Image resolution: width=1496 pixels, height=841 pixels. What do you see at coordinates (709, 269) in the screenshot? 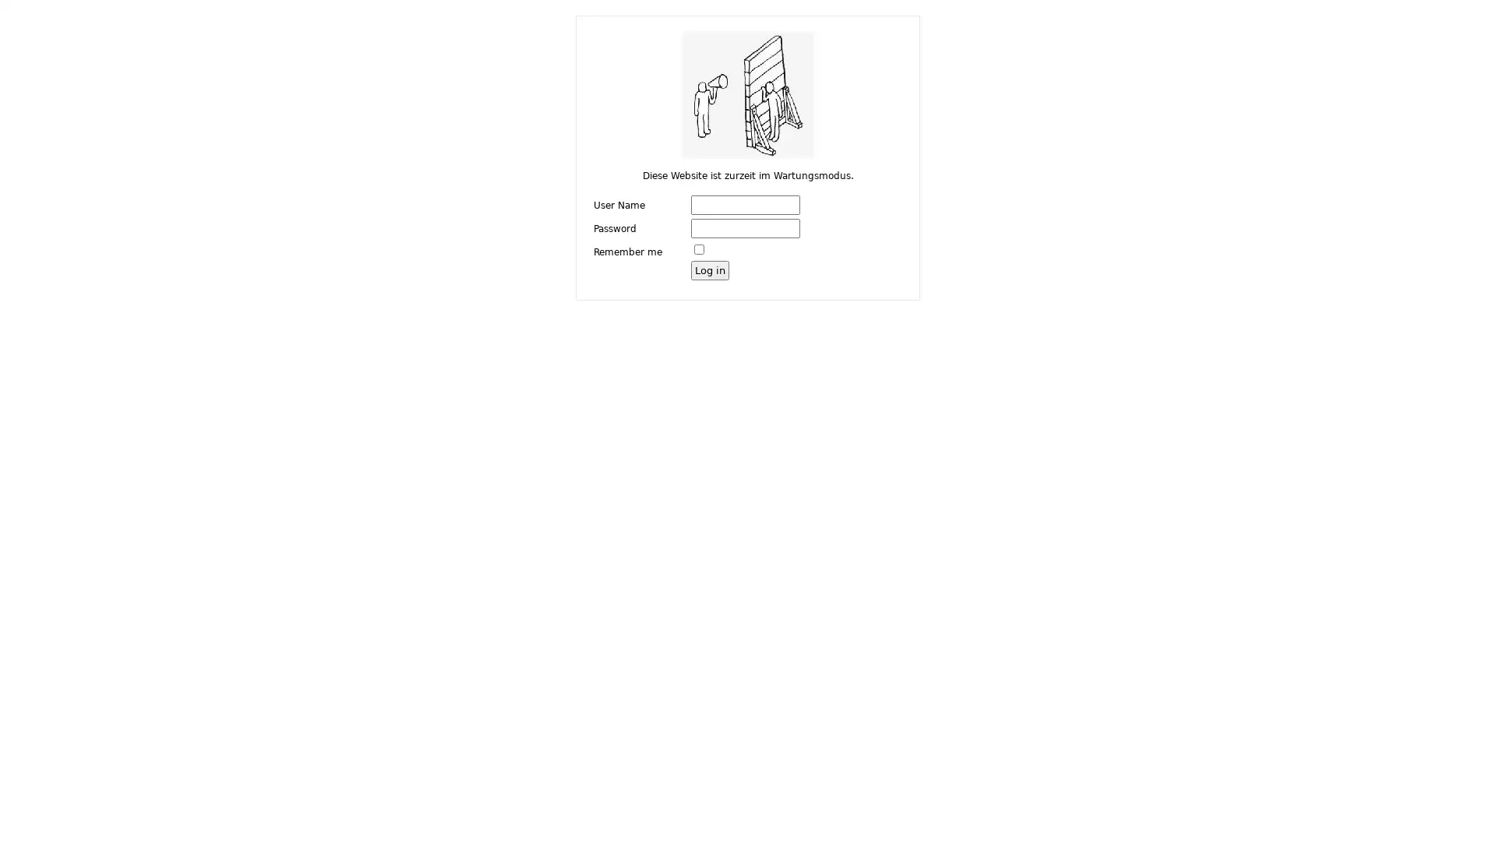
I see `Log in` at bounding box center [709, 269].